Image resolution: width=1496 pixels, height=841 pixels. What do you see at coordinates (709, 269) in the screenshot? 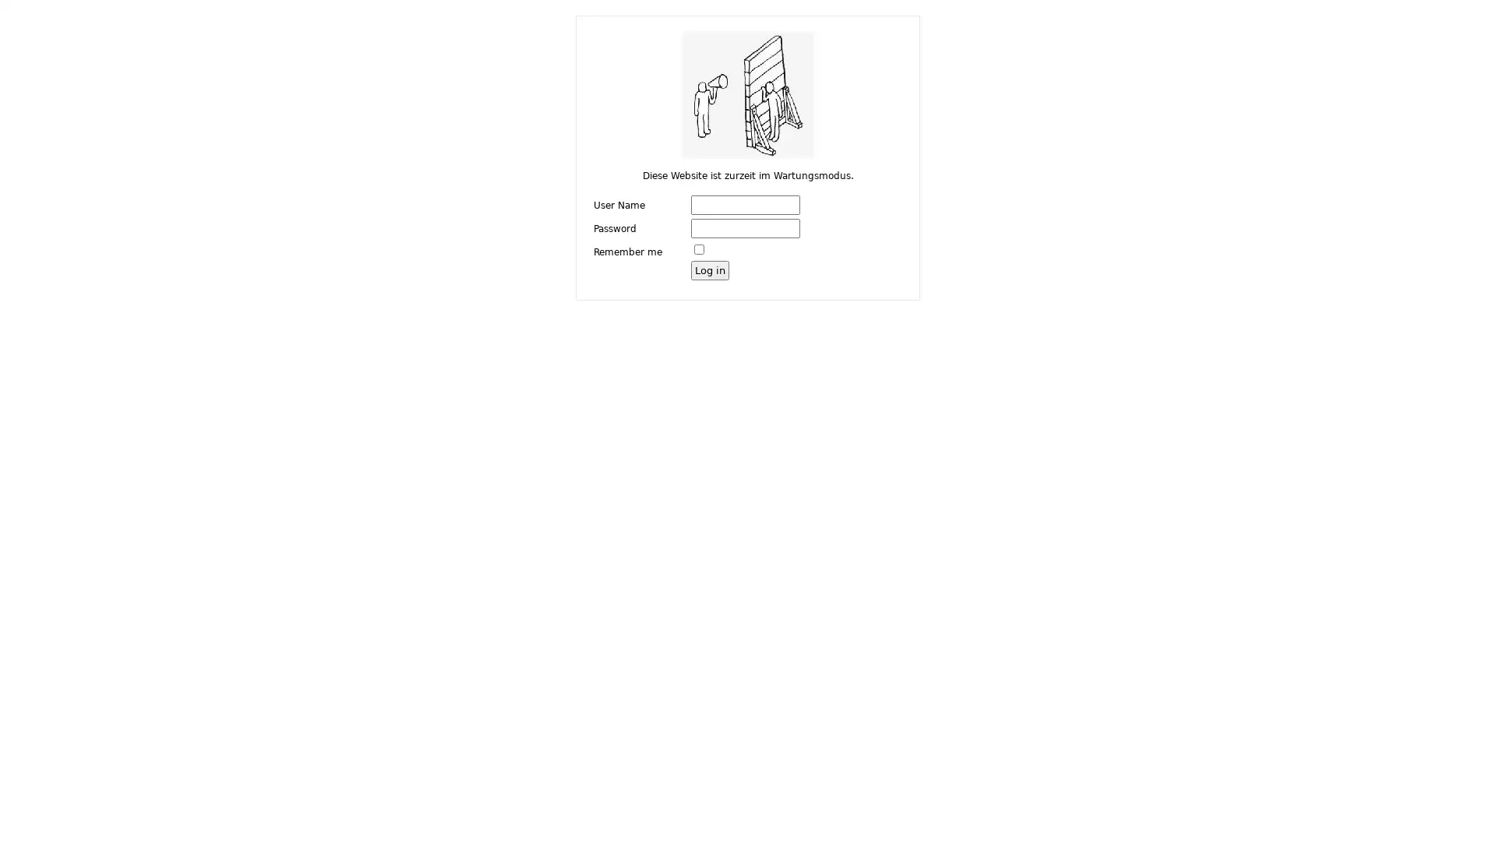
I see `Log in` at bounding box center [709, 269].